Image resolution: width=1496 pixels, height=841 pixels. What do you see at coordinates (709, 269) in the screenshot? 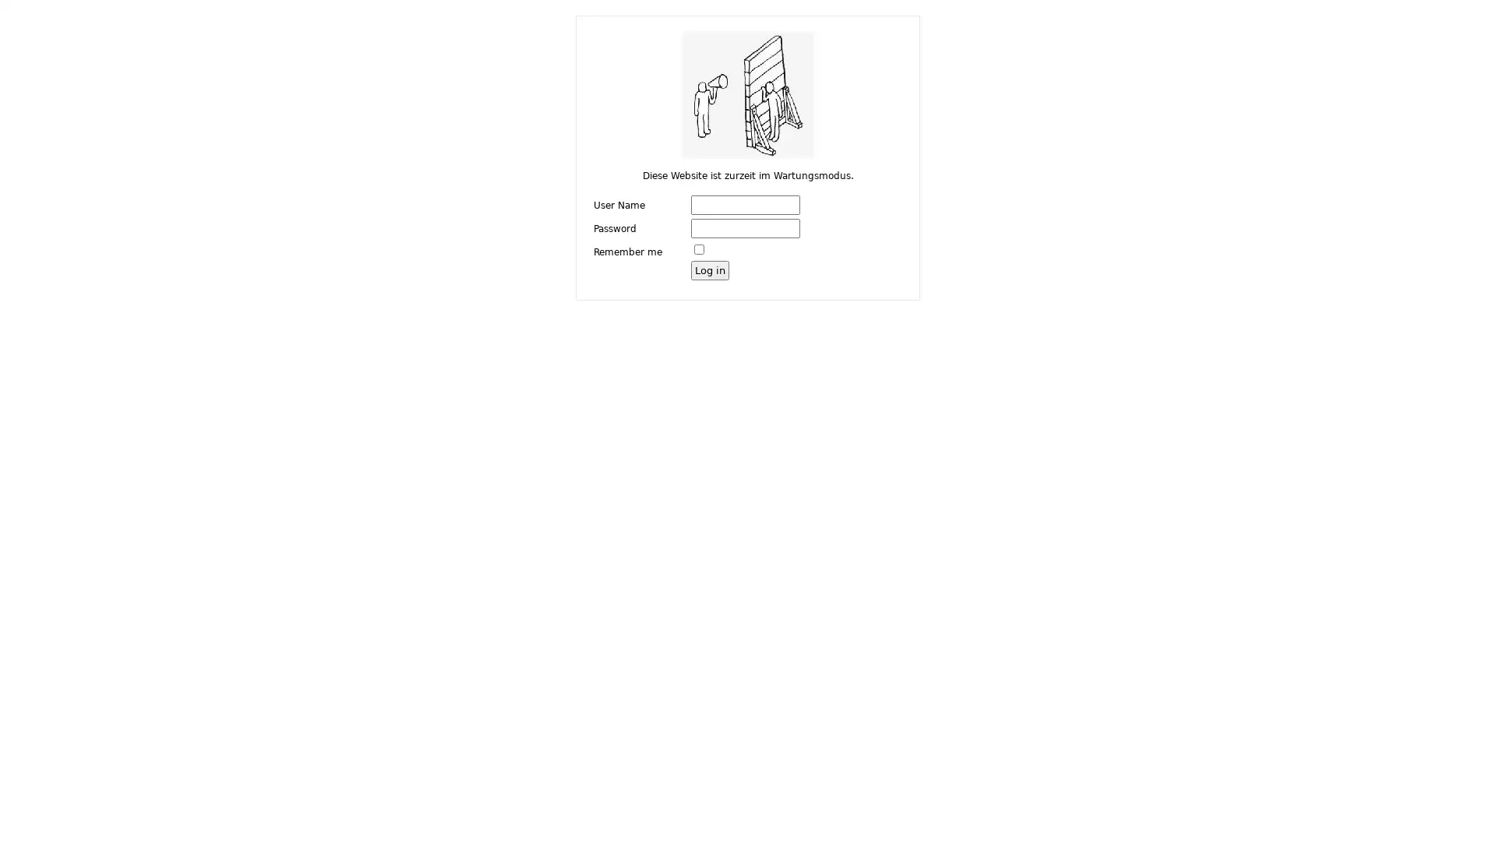
I see `Log in` at bounding box center [709, 269].